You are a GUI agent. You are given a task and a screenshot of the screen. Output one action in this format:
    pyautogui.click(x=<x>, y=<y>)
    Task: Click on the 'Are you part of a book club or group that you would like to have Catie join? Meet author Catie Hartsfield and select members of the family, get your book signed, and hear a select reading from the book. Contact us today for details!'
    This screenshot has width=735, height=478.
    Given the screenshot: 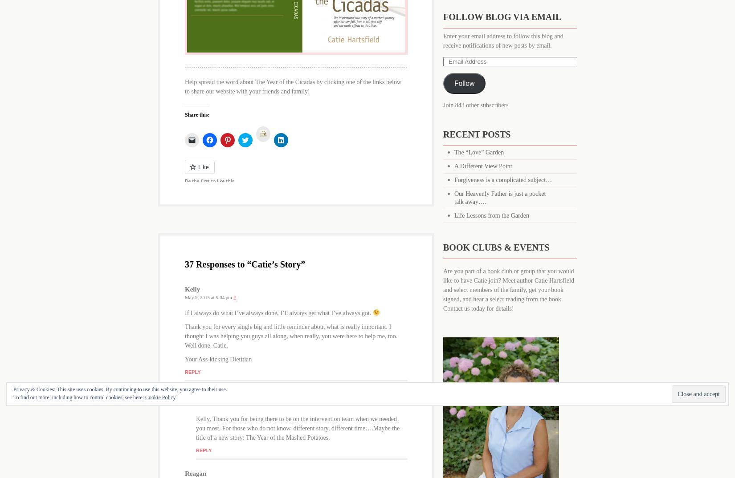 What is the action you would take?
    pyautogui.click(x=508, y=289)
    